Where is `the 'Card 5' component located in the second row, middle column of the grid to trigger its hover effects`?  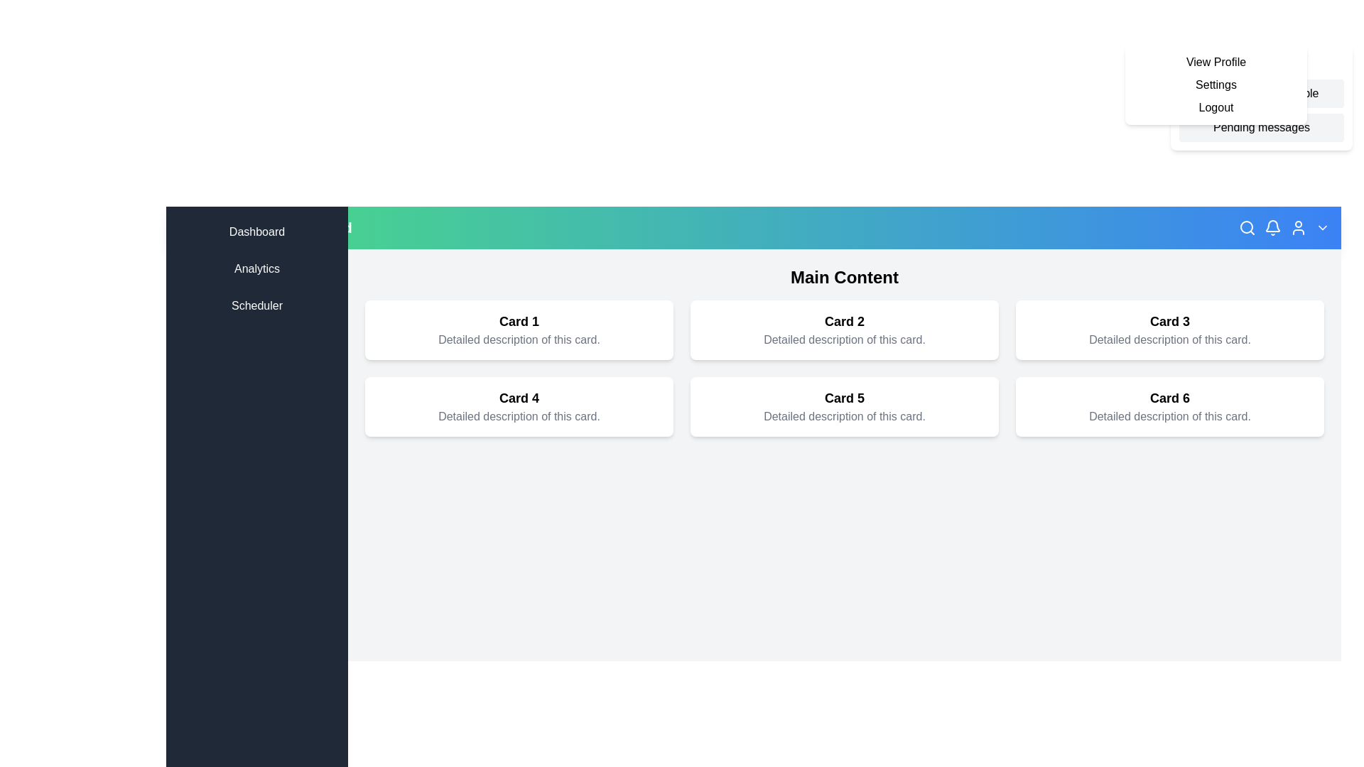
the 'Card 5' component located in the second row, middle column of the grid to trigger its hover effects is located at coordinates (845, 407).